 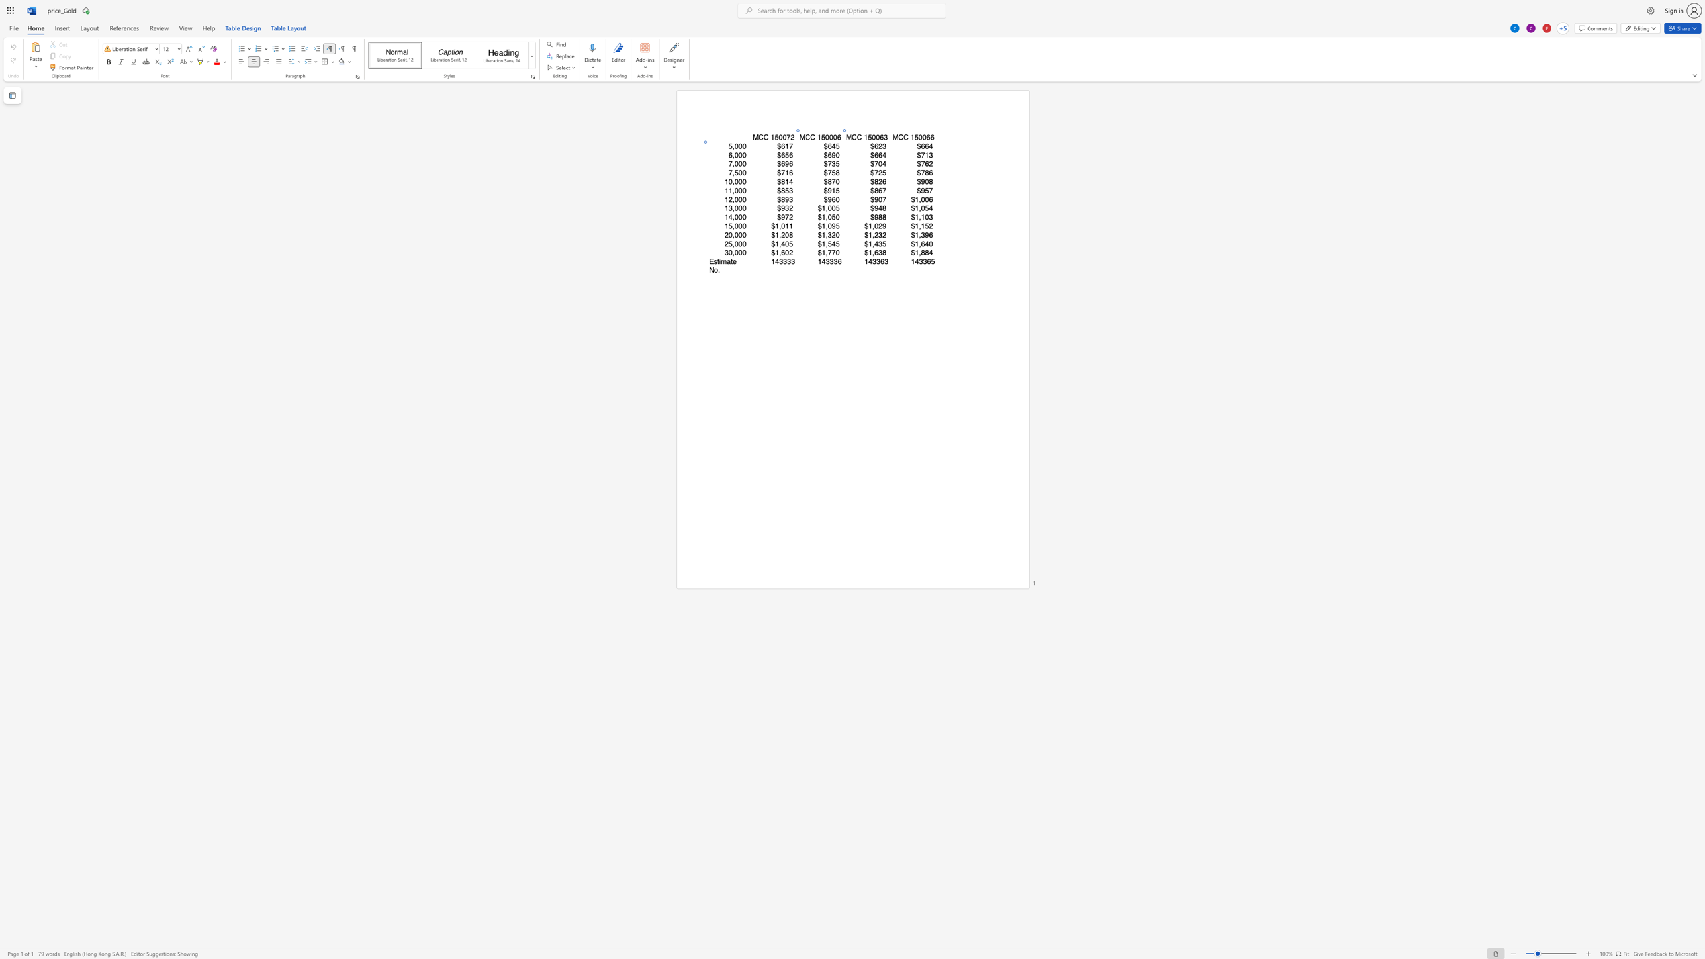 What do you see at coordinates (869, 137) in the screenshot?
I see `the 1th character "5" in the text` at bounding box center [869, 137].